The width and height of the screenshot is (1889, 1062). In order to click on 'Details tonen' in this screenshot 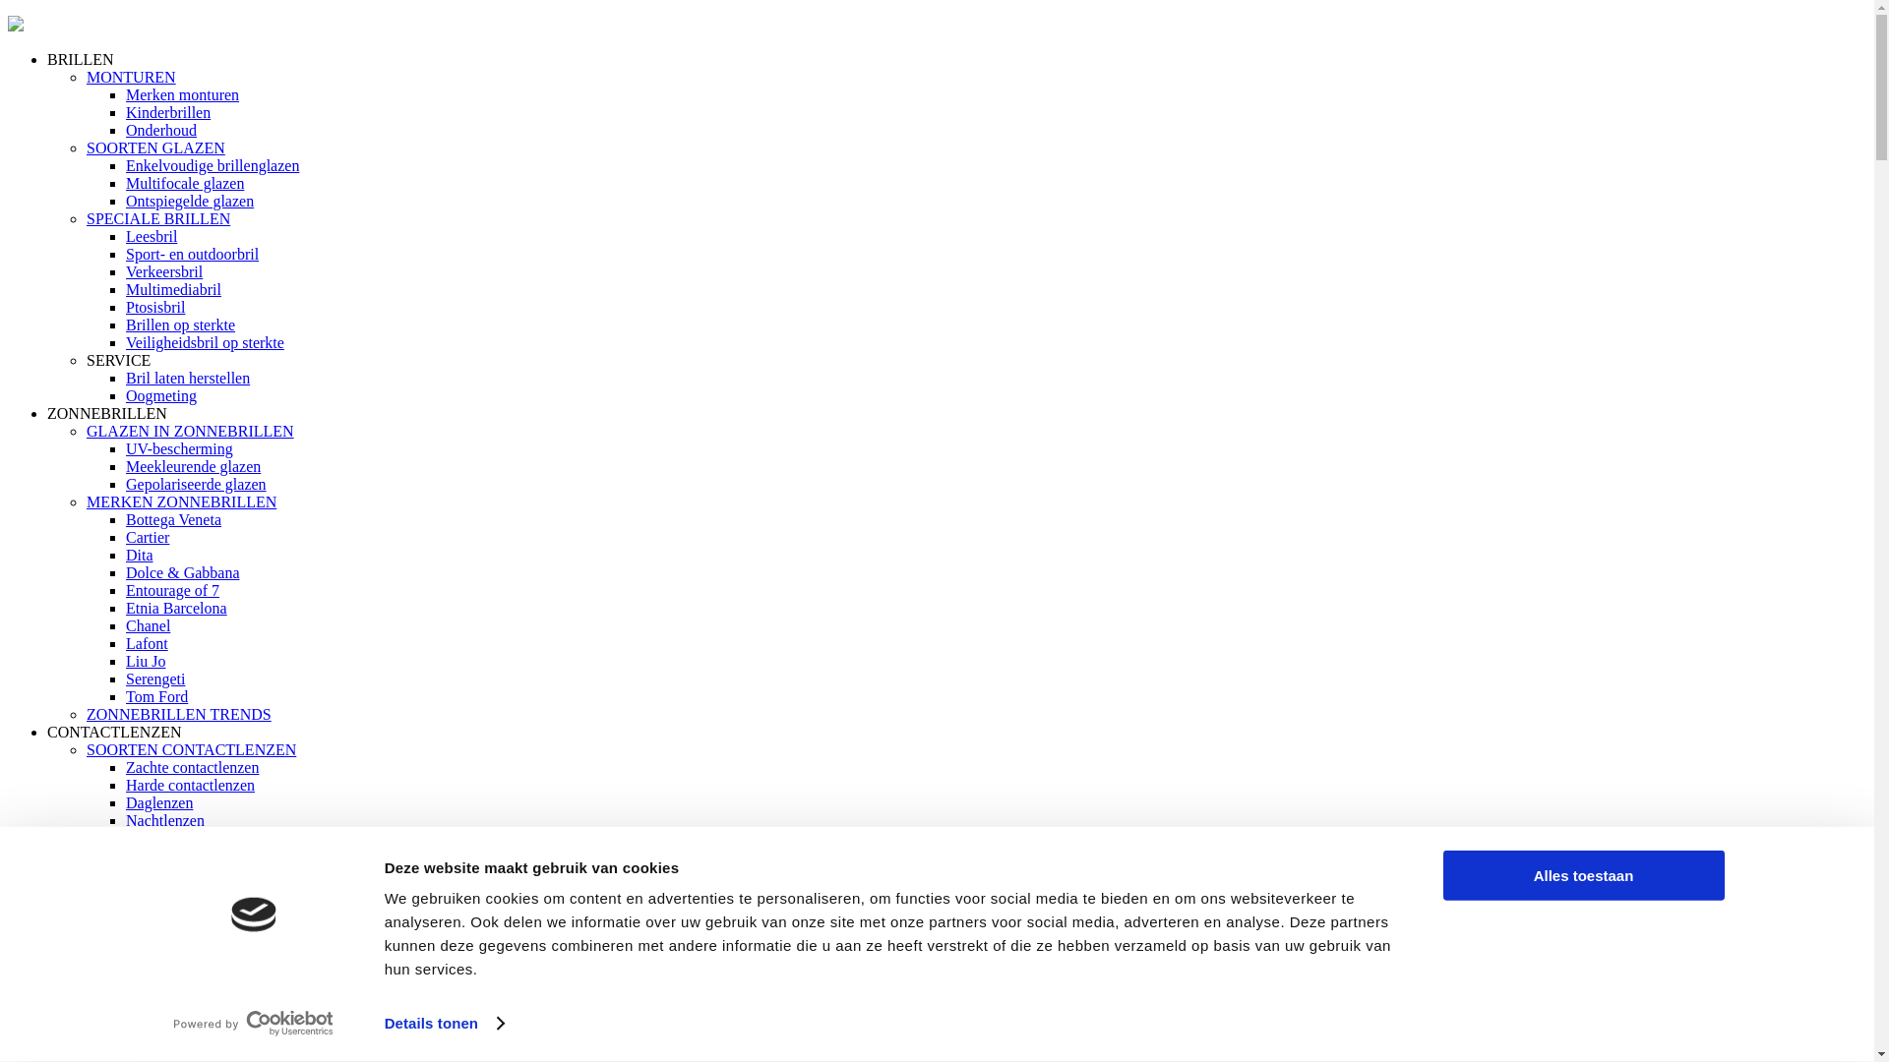, I will do `click(443, 1023)`.